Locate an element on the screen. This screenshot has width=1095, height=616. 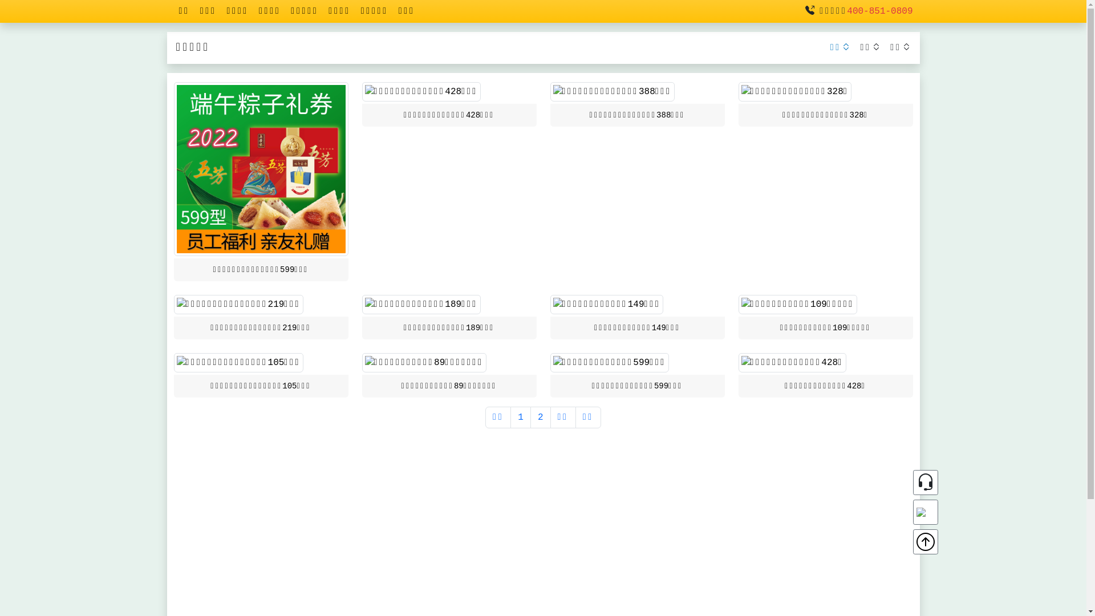
'1' is located at coordinates (520, 418).